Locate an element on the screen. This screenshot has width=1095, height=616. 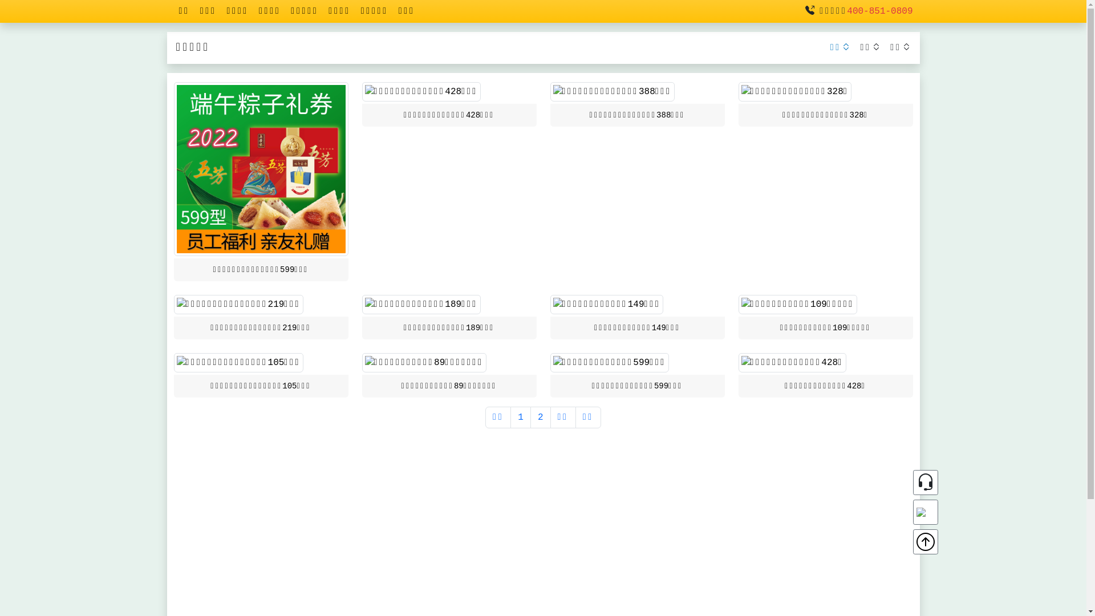
'1' is located at coordinates (520, 418).